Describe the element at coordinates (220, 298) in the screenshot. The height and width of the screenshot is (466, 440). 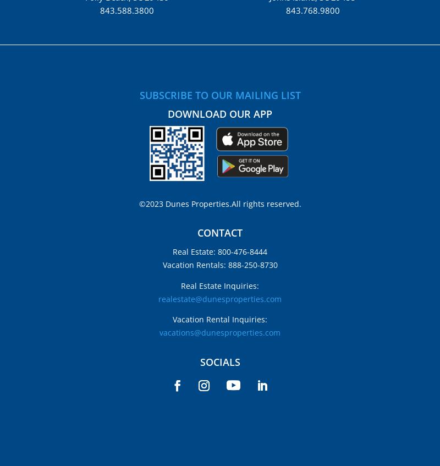
I see `'realestate@dunesproperties.com'` at that location.